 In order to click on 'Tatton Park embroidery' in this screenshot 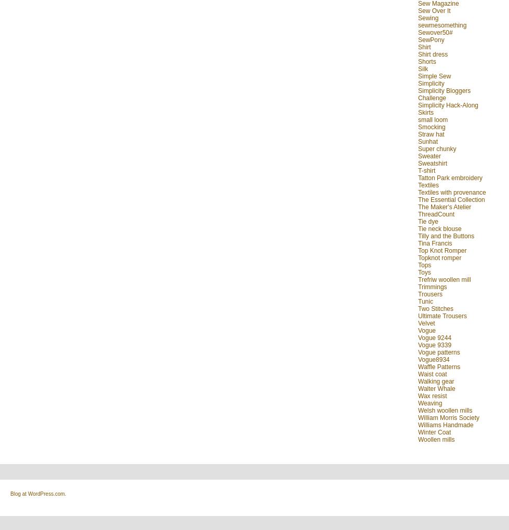, I will do `click(450, 177)`.